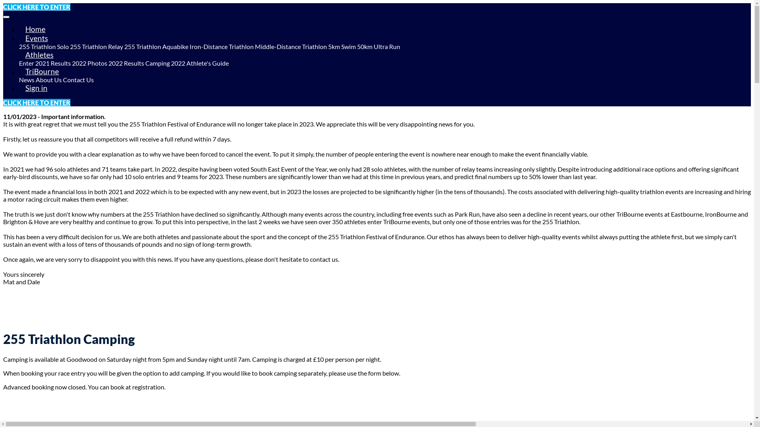  Describe the element at coordinates (378, 46) in the screenshot. I see `'50km Ultra Run'` at that location.